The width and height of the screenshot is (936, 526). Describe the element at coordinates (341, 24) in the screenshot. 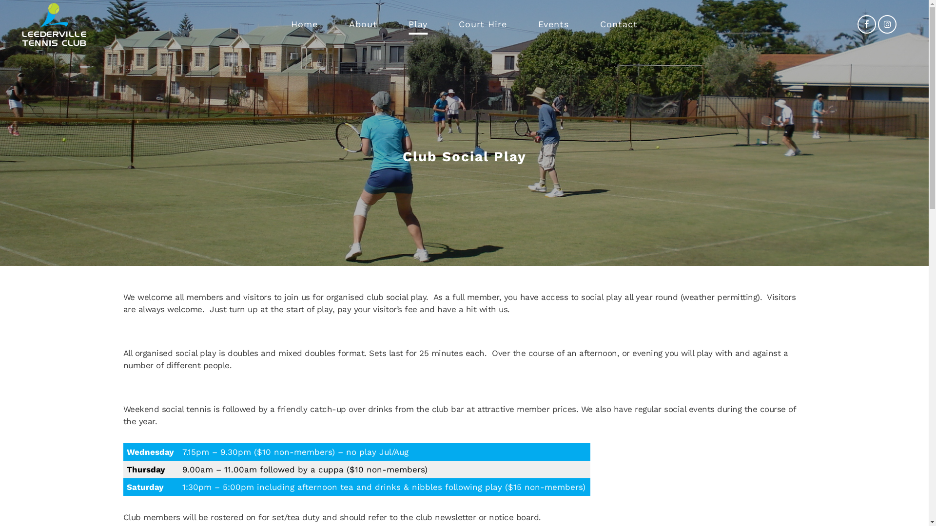

I see `'About'` at that location.